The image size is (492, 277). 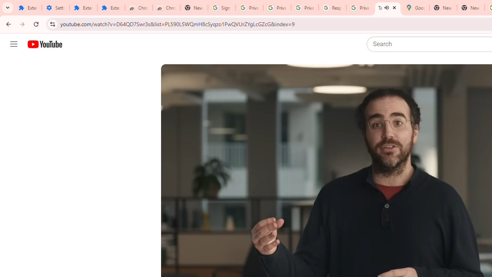 What do you see at coordinates (13, 44) in the screenshot?
I see `'Guide'` at bounding box center [13, 44].